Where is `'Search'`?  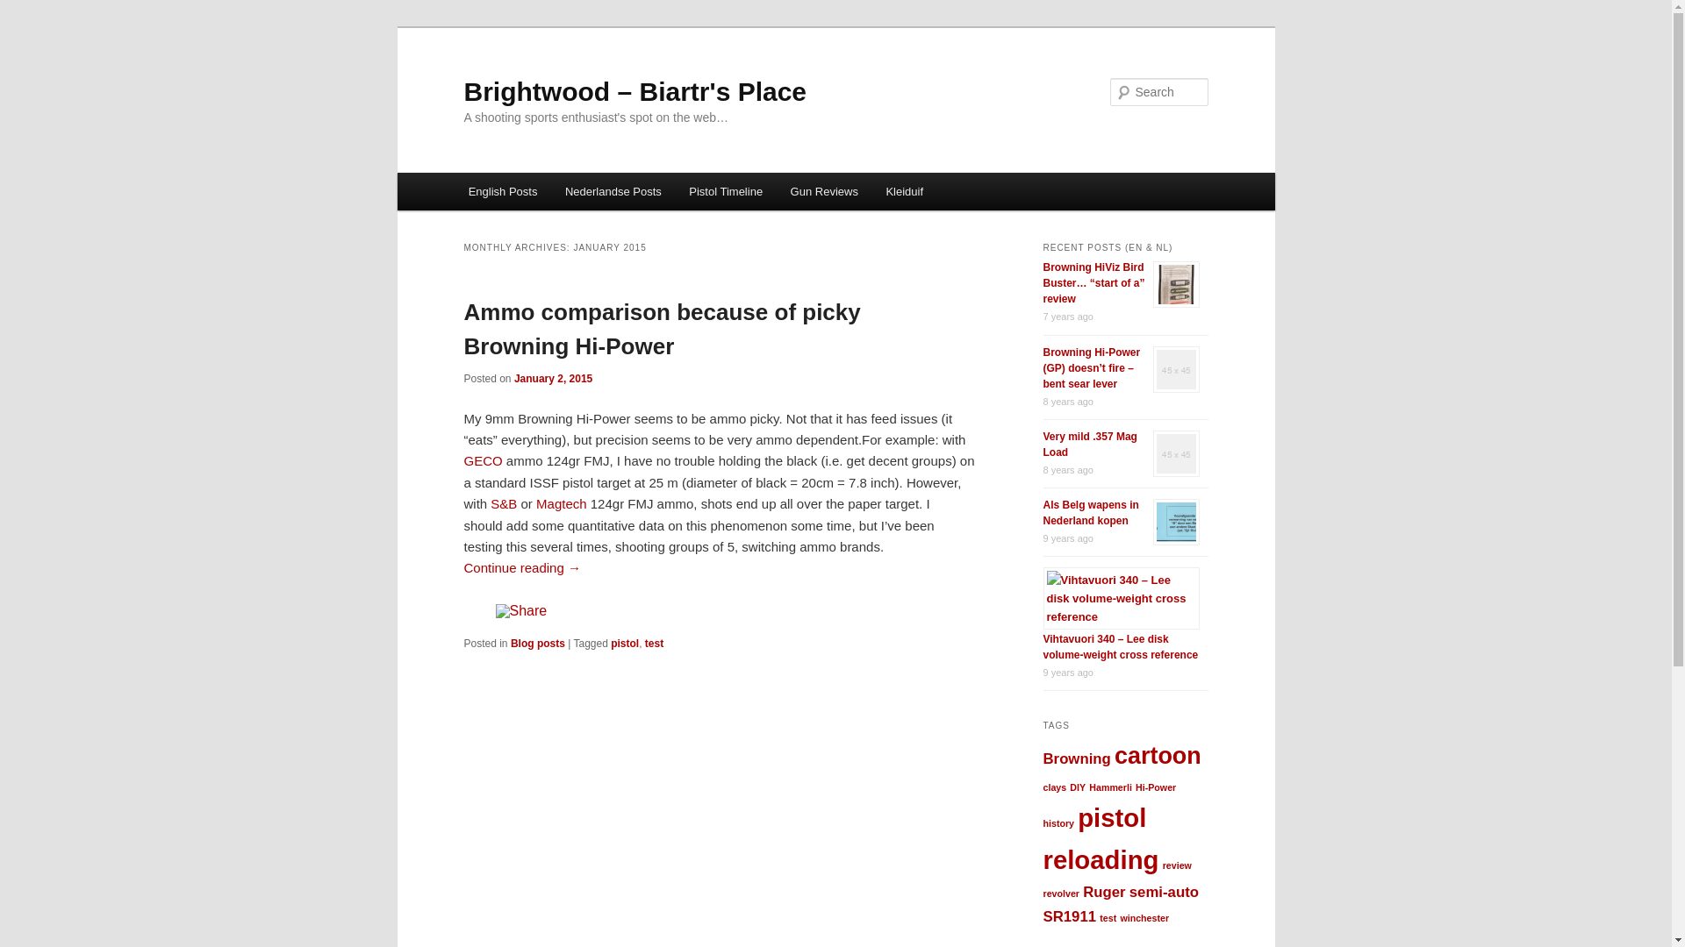
'Search' is located at coordinates (28, 10).